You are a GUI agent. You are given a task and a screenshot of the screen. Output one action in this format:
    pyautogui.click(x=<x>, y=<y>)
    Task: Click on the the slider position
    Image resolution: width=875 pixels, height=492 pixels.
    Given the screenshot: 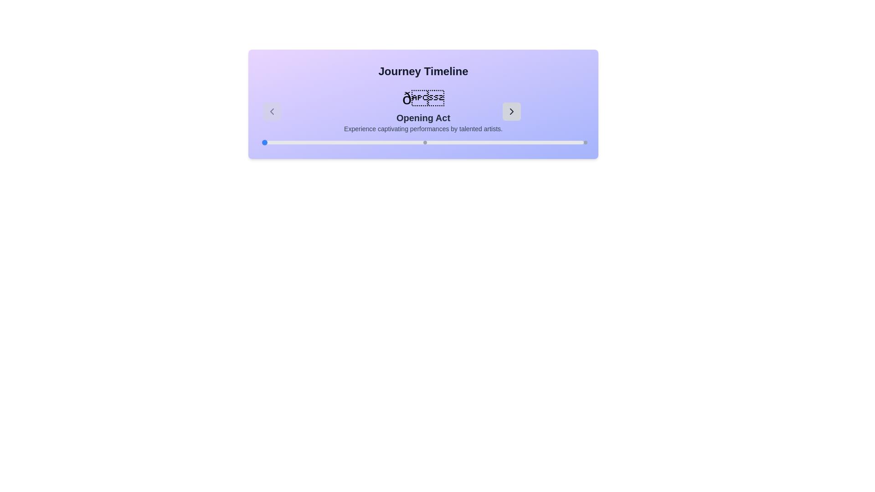 What is the action you would take?
    pyautogui.click(x=523, y=142)
    